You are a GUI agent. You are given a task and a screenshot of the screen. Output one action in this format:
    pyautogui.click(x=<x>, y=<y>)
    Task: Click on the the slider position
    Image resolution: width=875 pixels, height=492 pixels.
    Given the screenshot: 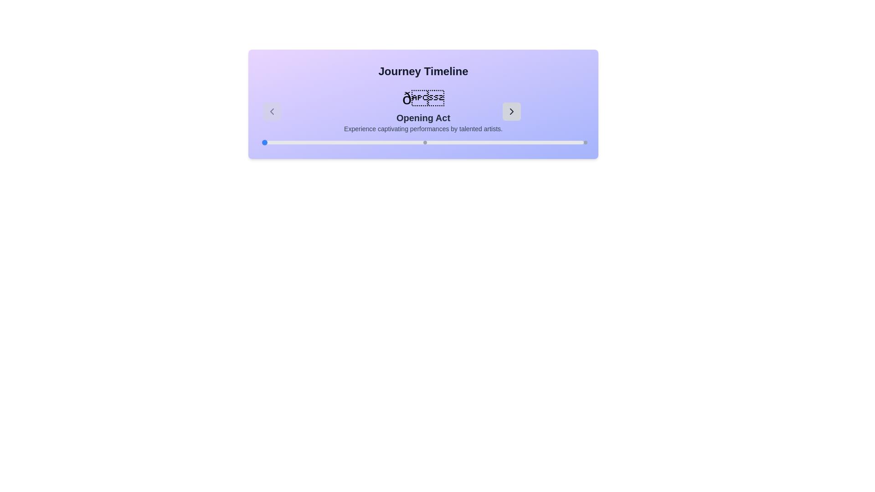 What is the action you would take?
    pyautogui.click(x=523, y=142)
    